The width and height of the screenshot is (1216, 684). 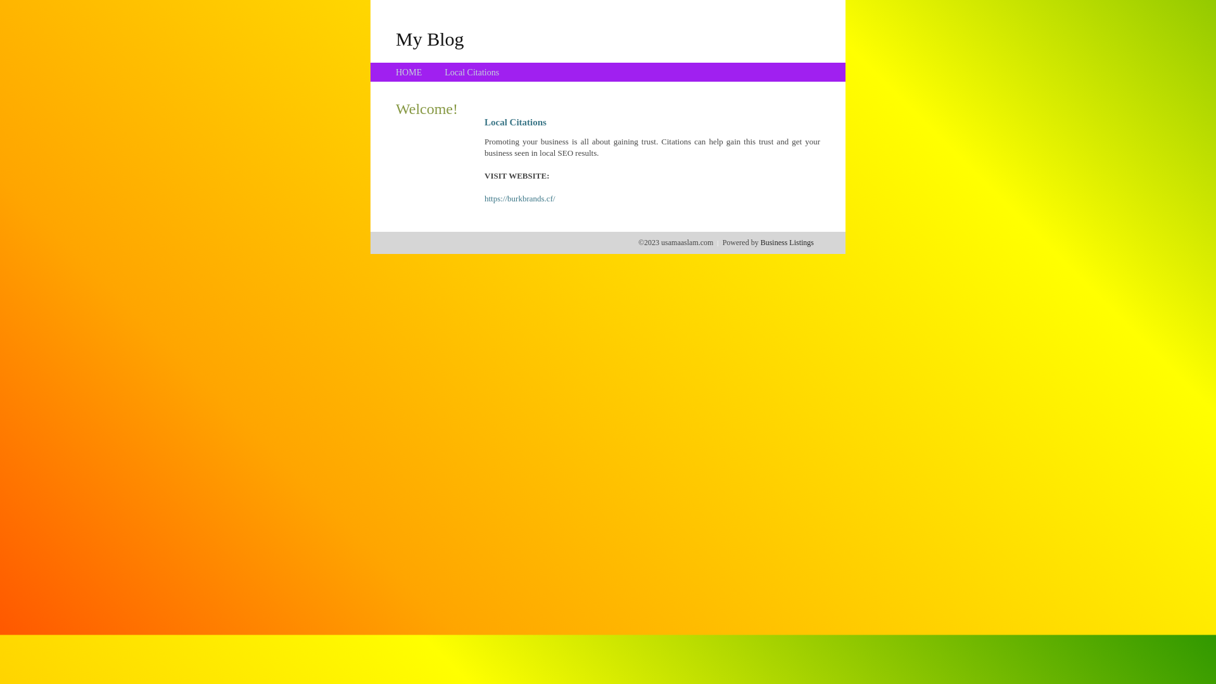 What do you see at coordinates (483, 198) in the screenshot?
I see `'https://burkbrands.cf/'` at bounding box center [483, 198].